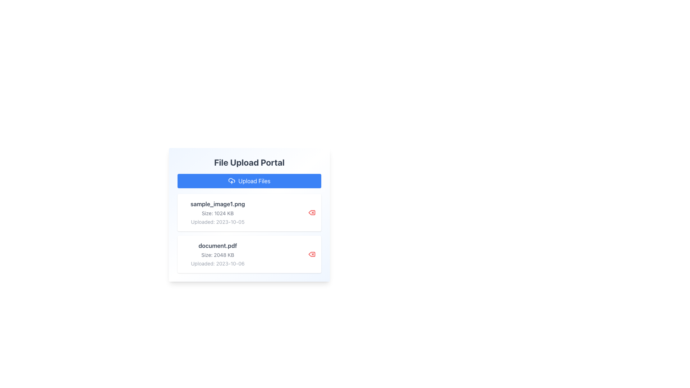 Image resolution: width=690 pixels, height=388 pixels. Describe the element at coordinates (312, 254) in the screenshot. I see `the delete button located at the rightmost position of the file details row for 'document.pdf'` at that location.